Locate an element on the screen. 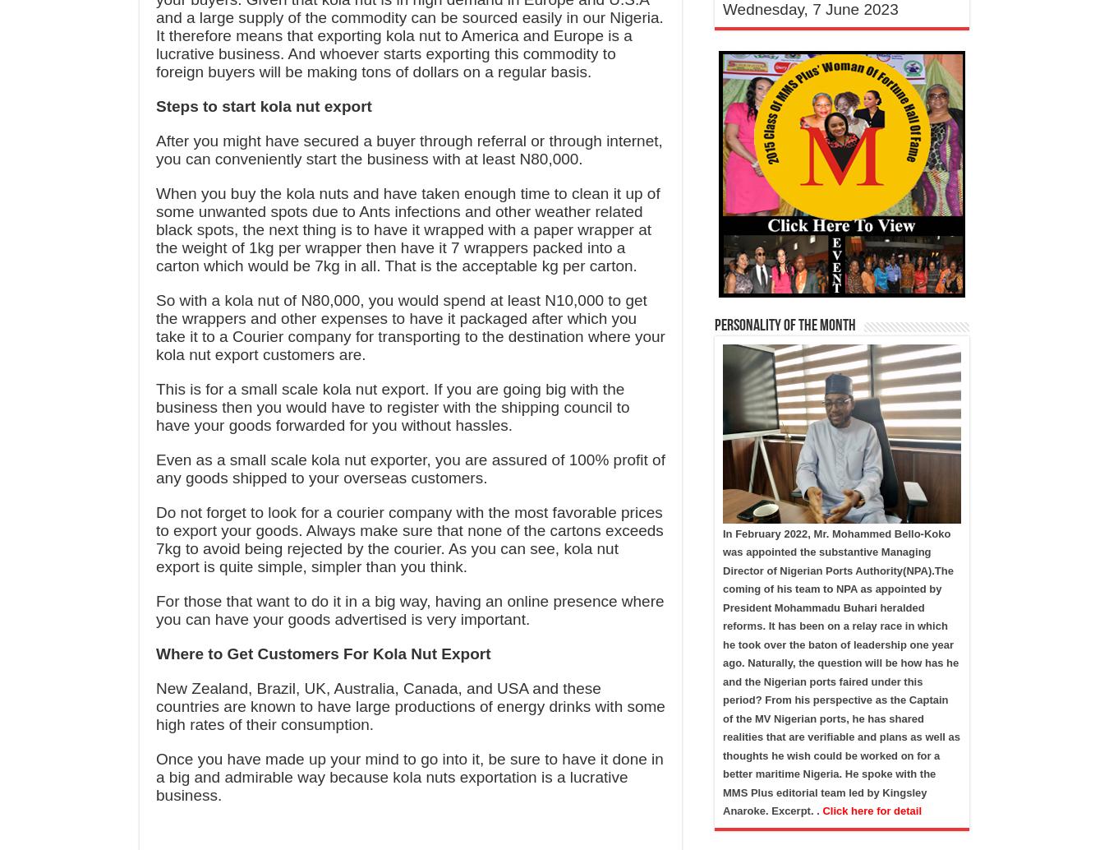 The image size is (1109, 850). 'This is for a small scale kola nut export. If you are going big with the business then you would have to register with the shipping council to have your goods forwarded for you without hassles.' is located at coordinates (392, 406).